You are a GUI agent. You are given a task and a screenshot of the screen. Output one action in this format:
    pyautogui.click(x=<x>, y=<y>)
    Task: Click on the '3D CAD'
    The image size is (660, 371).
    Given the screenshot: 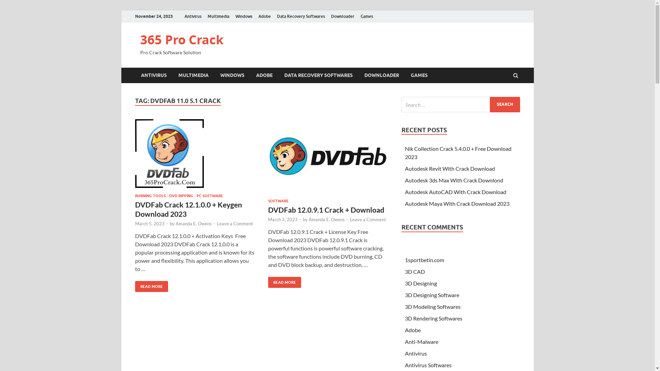 What is the action you would take?
    pyautogui.click(x=414, y=271)
    